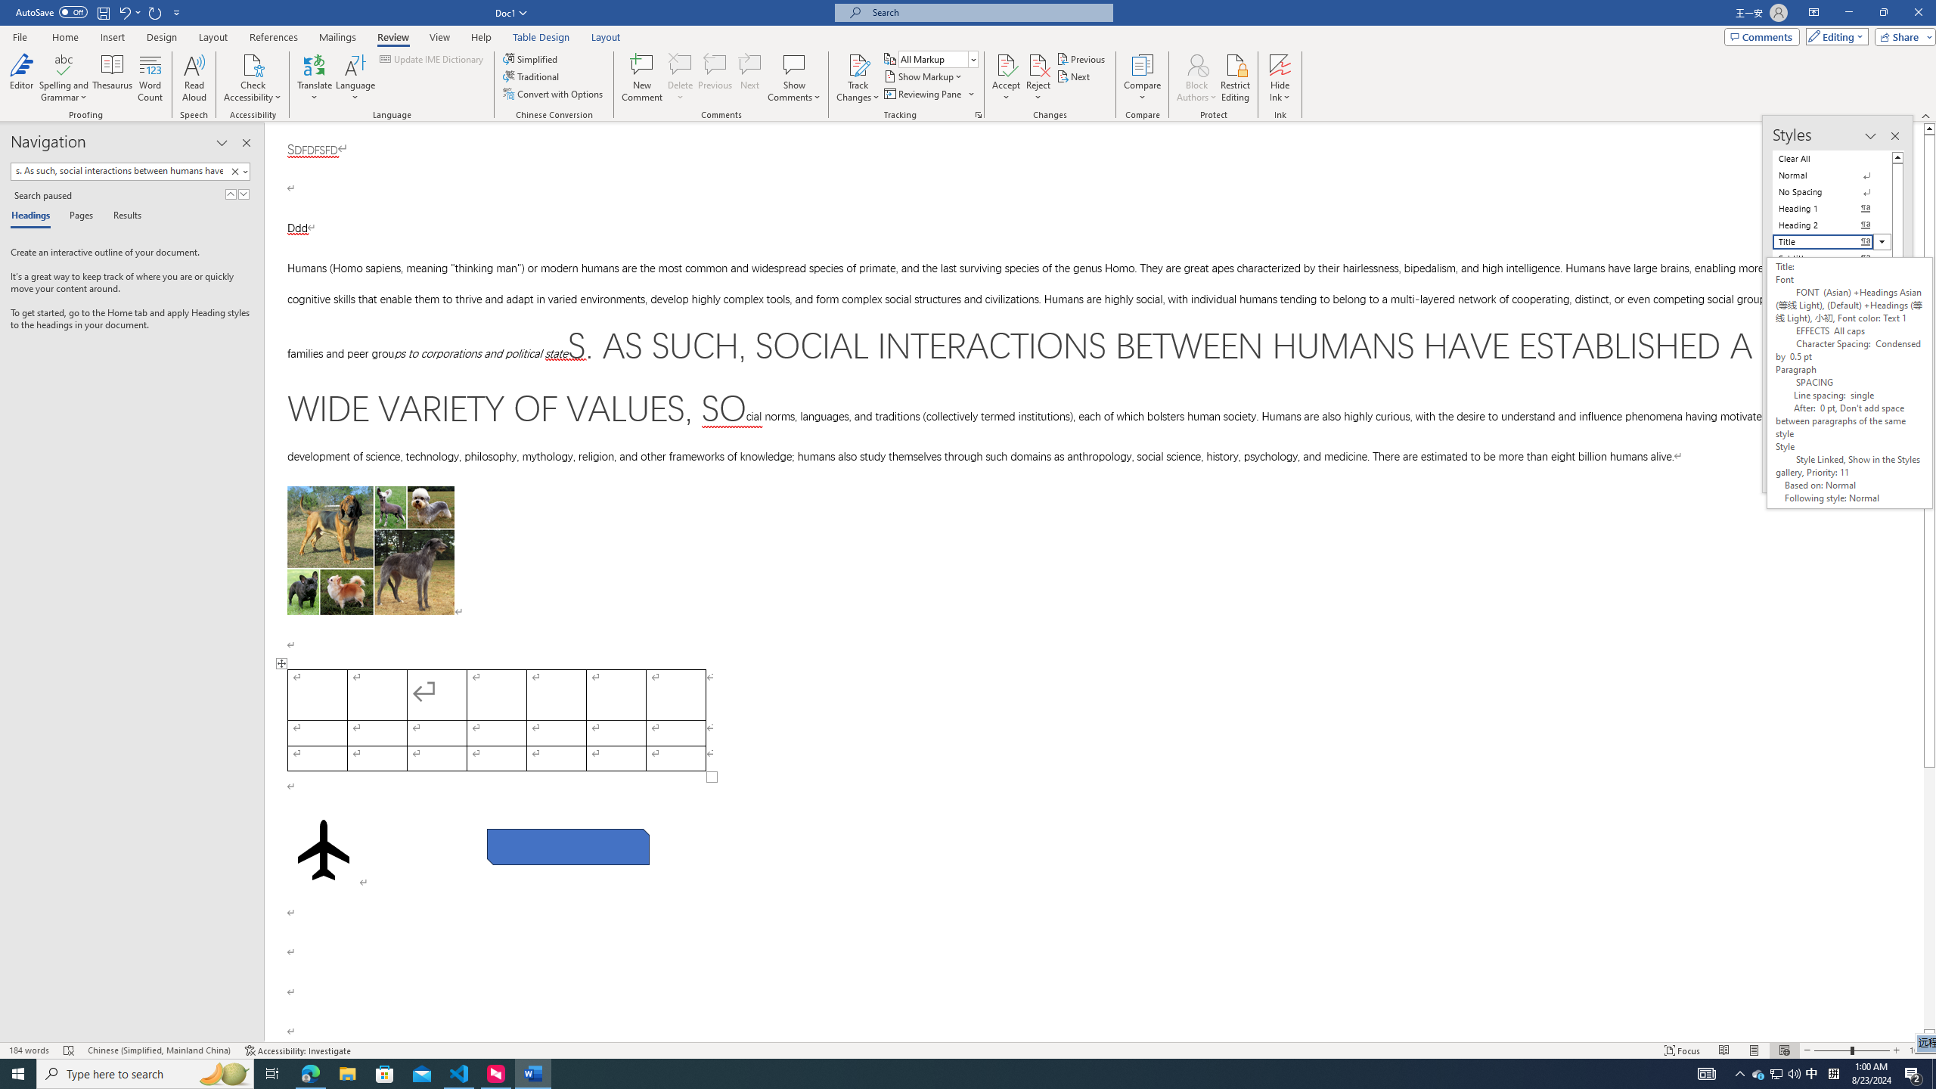 The image size is (1936, 1089). What do you see at coordinates (1006, 78) in the screenshot?
I see `'Accept'` at bounding box center [1006, 78].